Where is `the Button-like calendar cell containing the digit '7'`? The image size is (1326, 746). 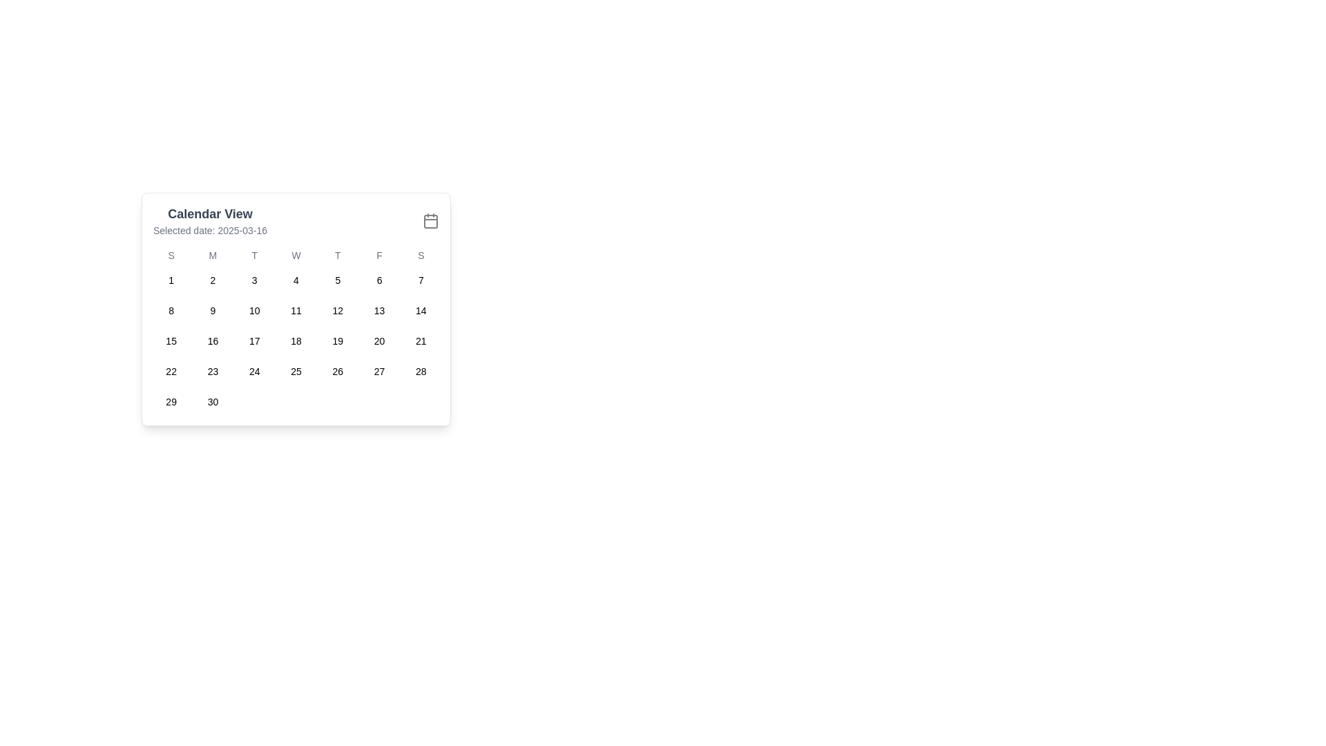 the Button-like calendar cell containing the digit '7' is located at coordinates (420, 280).